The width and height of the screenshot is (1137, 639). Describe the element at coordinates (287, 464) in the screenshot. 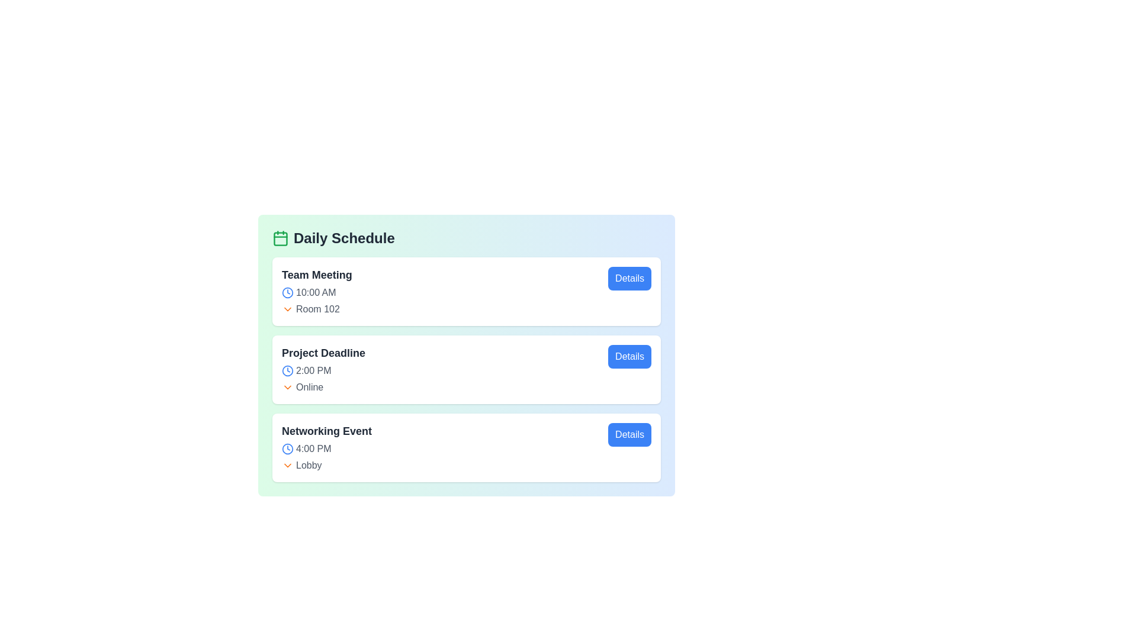

I see `the Dropdown indicator icon located to the left of the 'Lobby' text in the schedule` at that location.